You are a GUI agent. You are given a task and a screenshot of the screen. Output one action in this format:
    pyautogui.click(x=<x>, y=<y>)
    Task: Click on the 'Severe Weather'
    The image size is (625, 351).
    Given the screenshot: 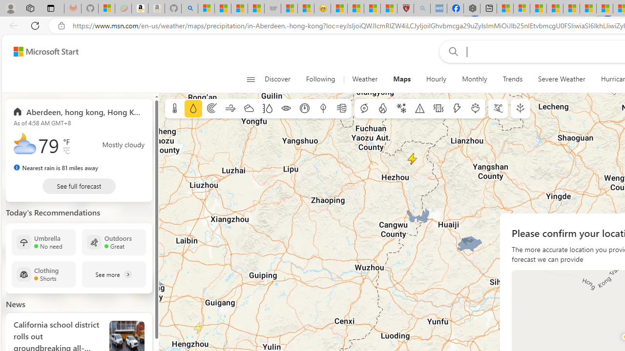 What is the action you would take?
    pyautogui.click(x=562, y=79)
    